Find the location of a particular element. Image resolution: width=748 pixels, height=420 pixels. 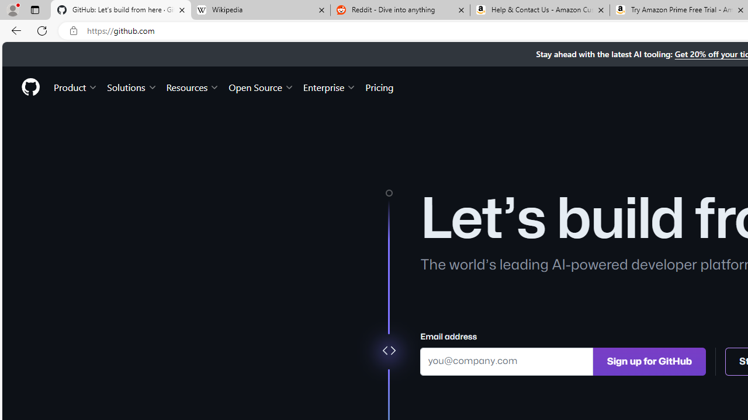

'Email address' is located at coordinates (507, 360).